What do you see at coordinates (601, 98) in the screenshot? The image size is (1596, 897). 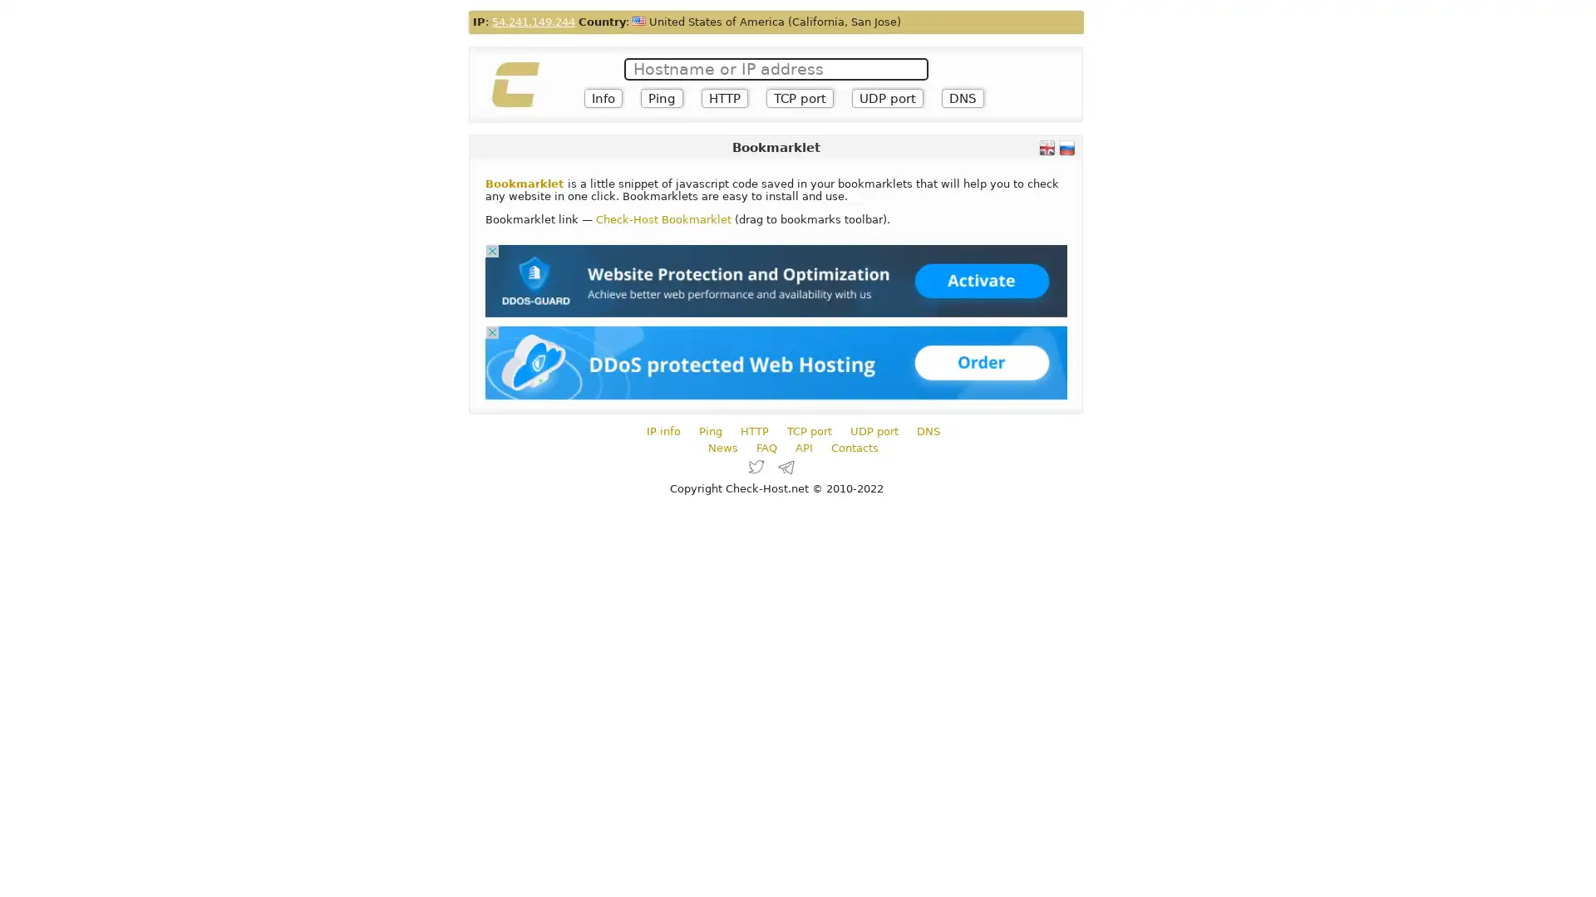 I see `Info` at bounding box center [601, 98].